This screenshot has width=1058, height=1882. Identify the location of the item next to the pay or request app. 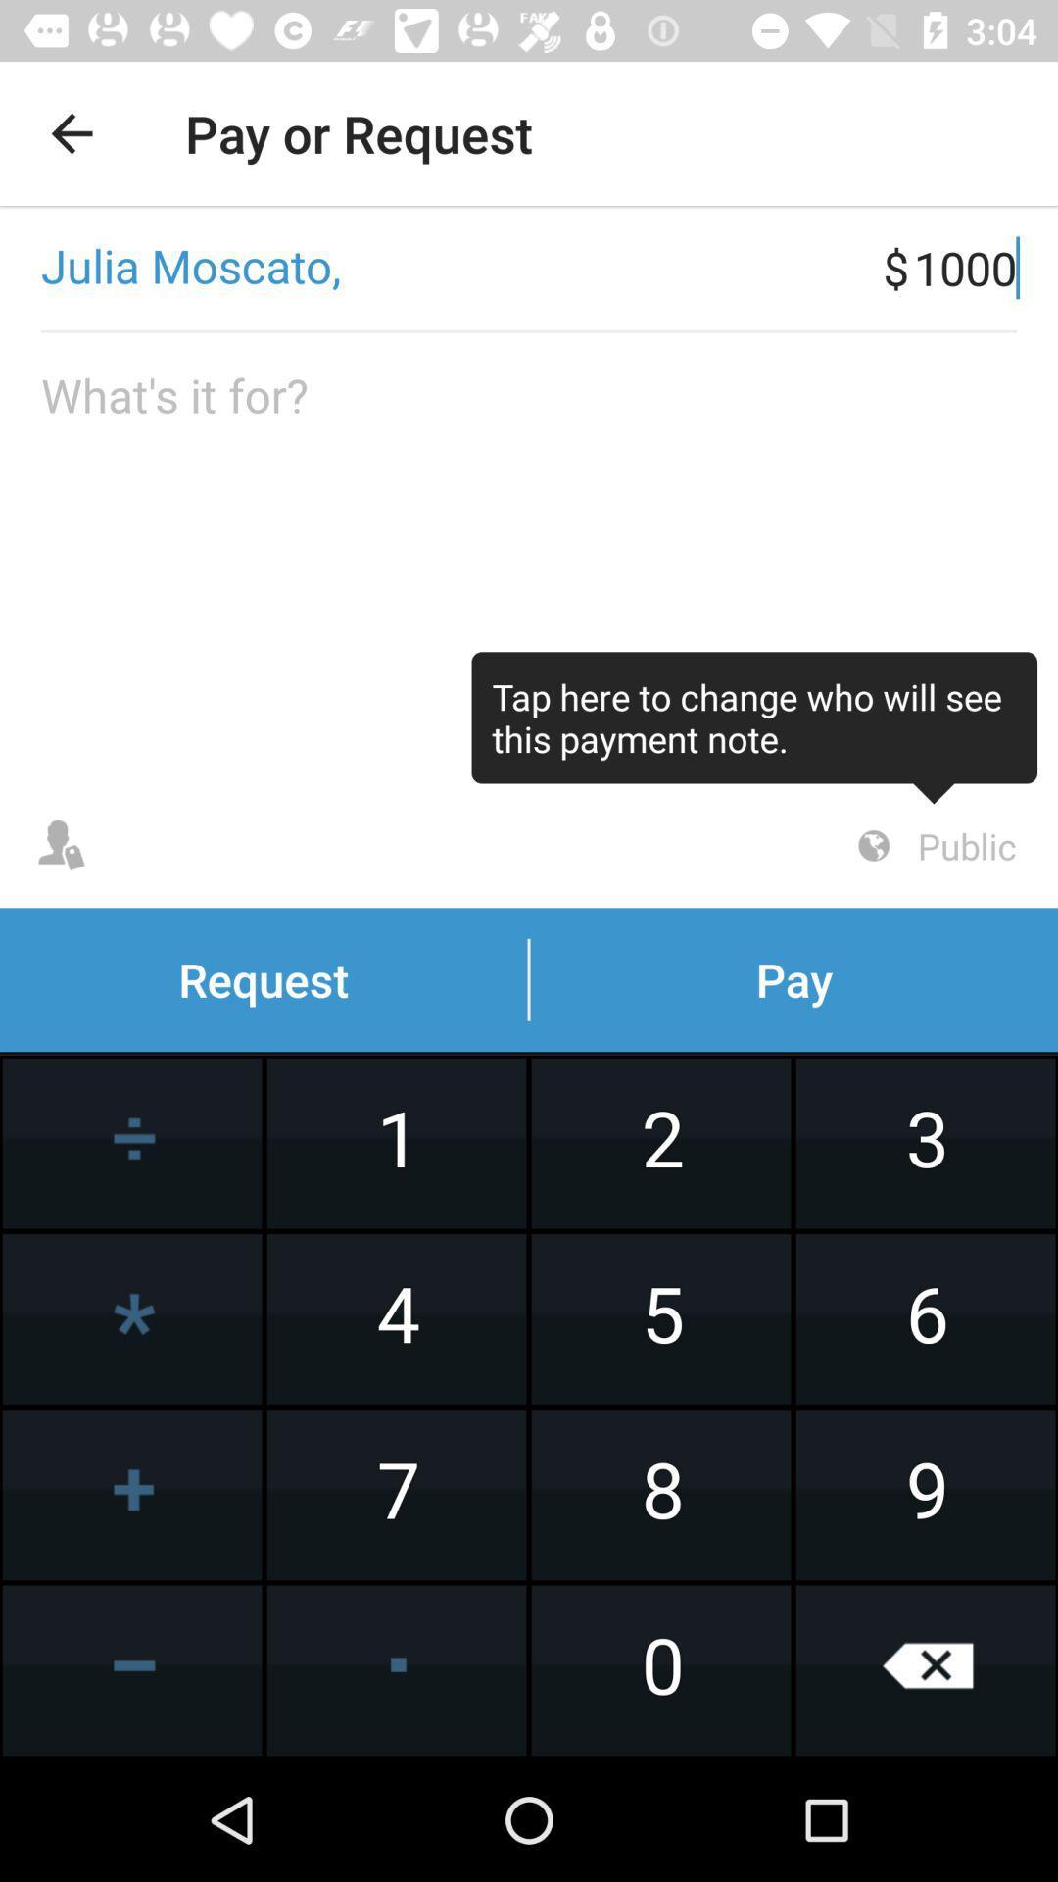
(71, 132).